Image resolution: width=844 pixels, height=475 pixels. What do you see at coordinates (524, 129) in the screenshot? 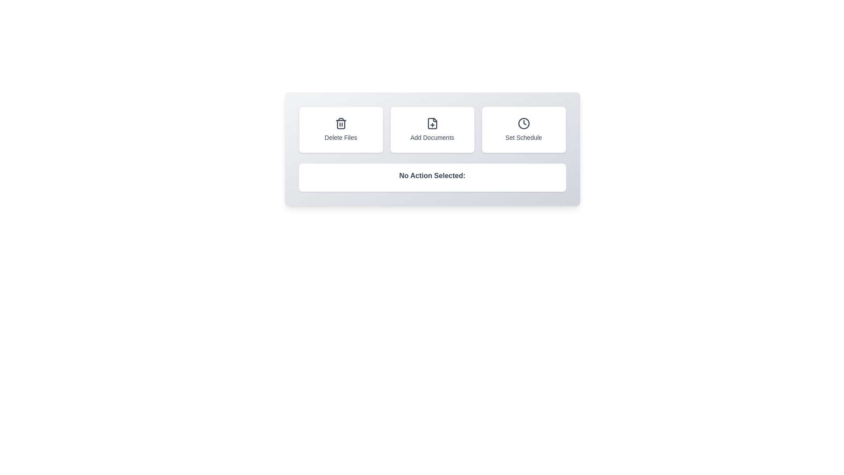
I see `the 'Set Schedule' button, which is a rounded rectangular button with a clock icon and a white background, located at the far right of the grid layout` at bounding box center [524, 129].